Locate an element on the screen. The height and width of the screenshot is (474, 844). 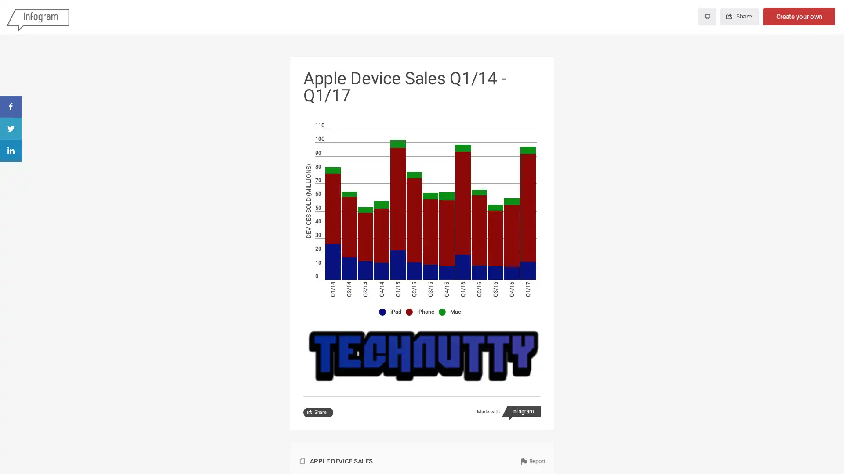
Share is located at coordinates (317, 413).